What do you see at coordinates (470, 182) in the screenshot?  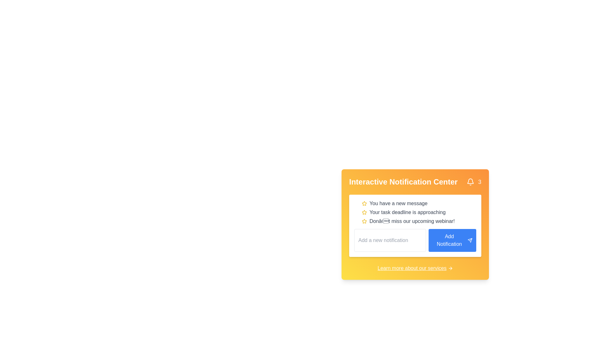 I see `the white bell SVG icon located in the top-right corner of the notification section, which is positioned to the left of the number '3'` at bounding box center [470, 182].